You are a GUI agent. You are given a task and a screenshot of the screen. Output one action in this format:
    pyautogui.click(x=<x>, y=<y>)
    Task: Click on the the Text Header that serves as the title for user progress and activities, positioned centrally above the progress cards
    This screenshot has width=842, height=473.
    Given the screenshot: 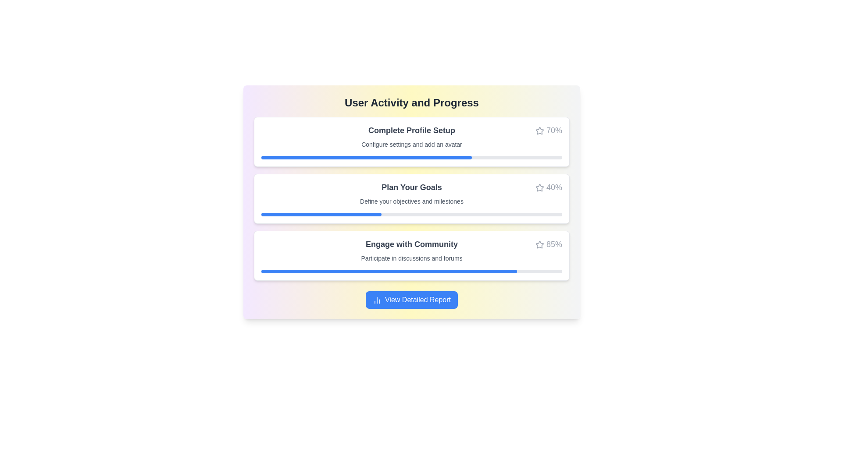 What is the action you would take?
    pyautogui.click(x=411, y=102)
    